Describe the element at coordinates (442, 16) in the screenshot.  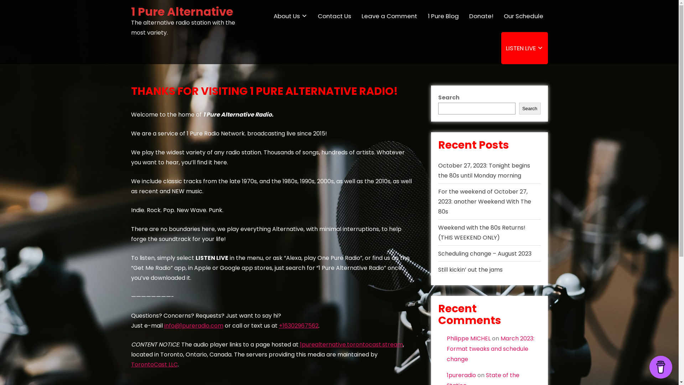
I see `'1 Pure Blog'` at that location.